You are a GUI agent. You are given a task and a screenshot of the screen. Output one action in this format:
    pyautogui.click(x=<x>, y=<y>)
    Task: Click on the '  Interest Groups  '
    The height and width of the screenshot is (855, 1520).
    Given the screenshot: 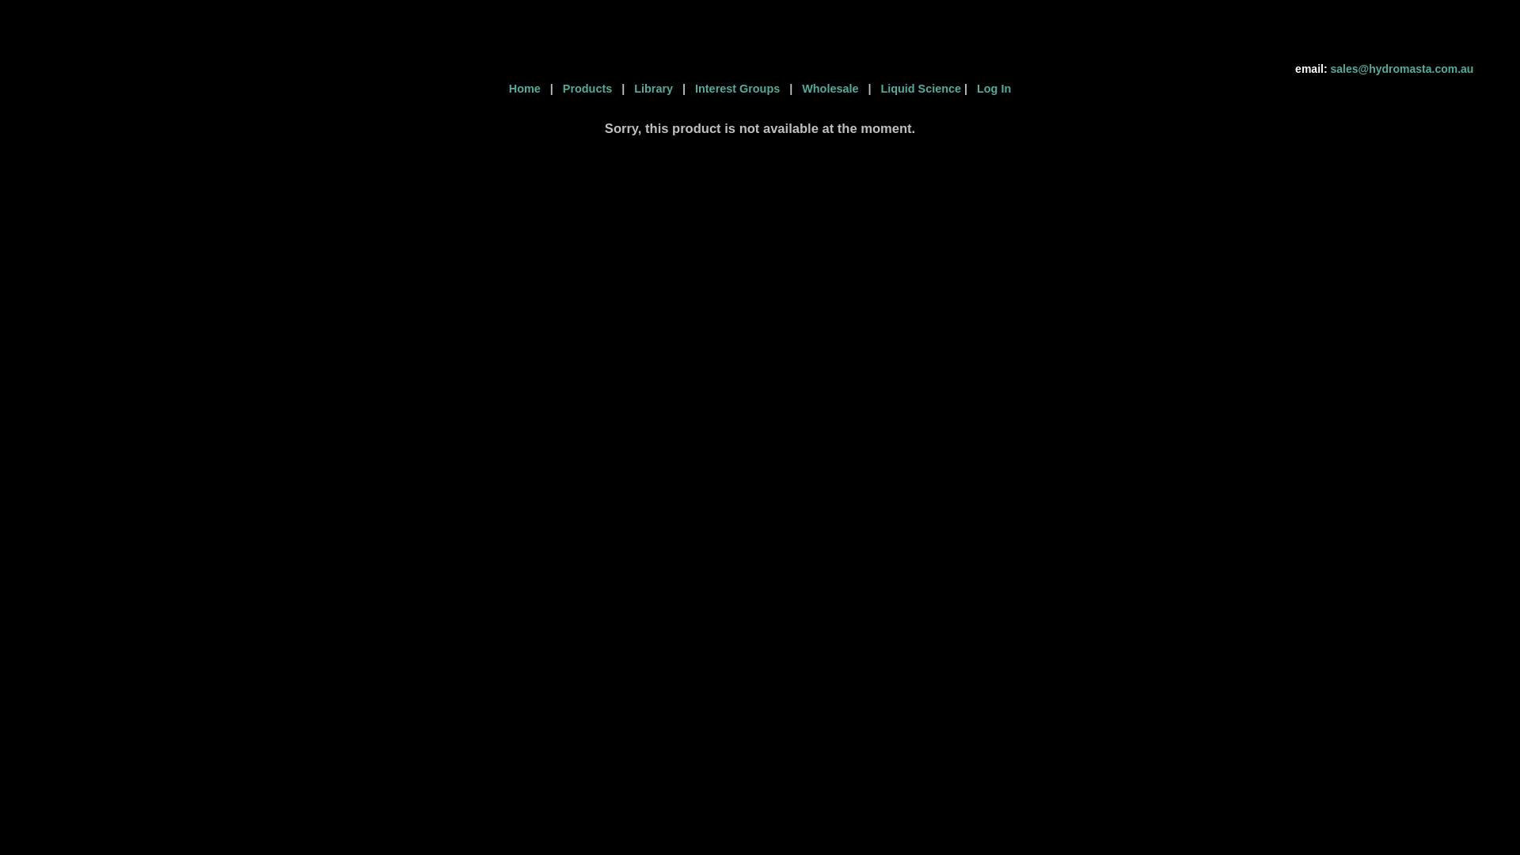 What is the action you would take?
    pyautogui.click(x=736, y=88)
    